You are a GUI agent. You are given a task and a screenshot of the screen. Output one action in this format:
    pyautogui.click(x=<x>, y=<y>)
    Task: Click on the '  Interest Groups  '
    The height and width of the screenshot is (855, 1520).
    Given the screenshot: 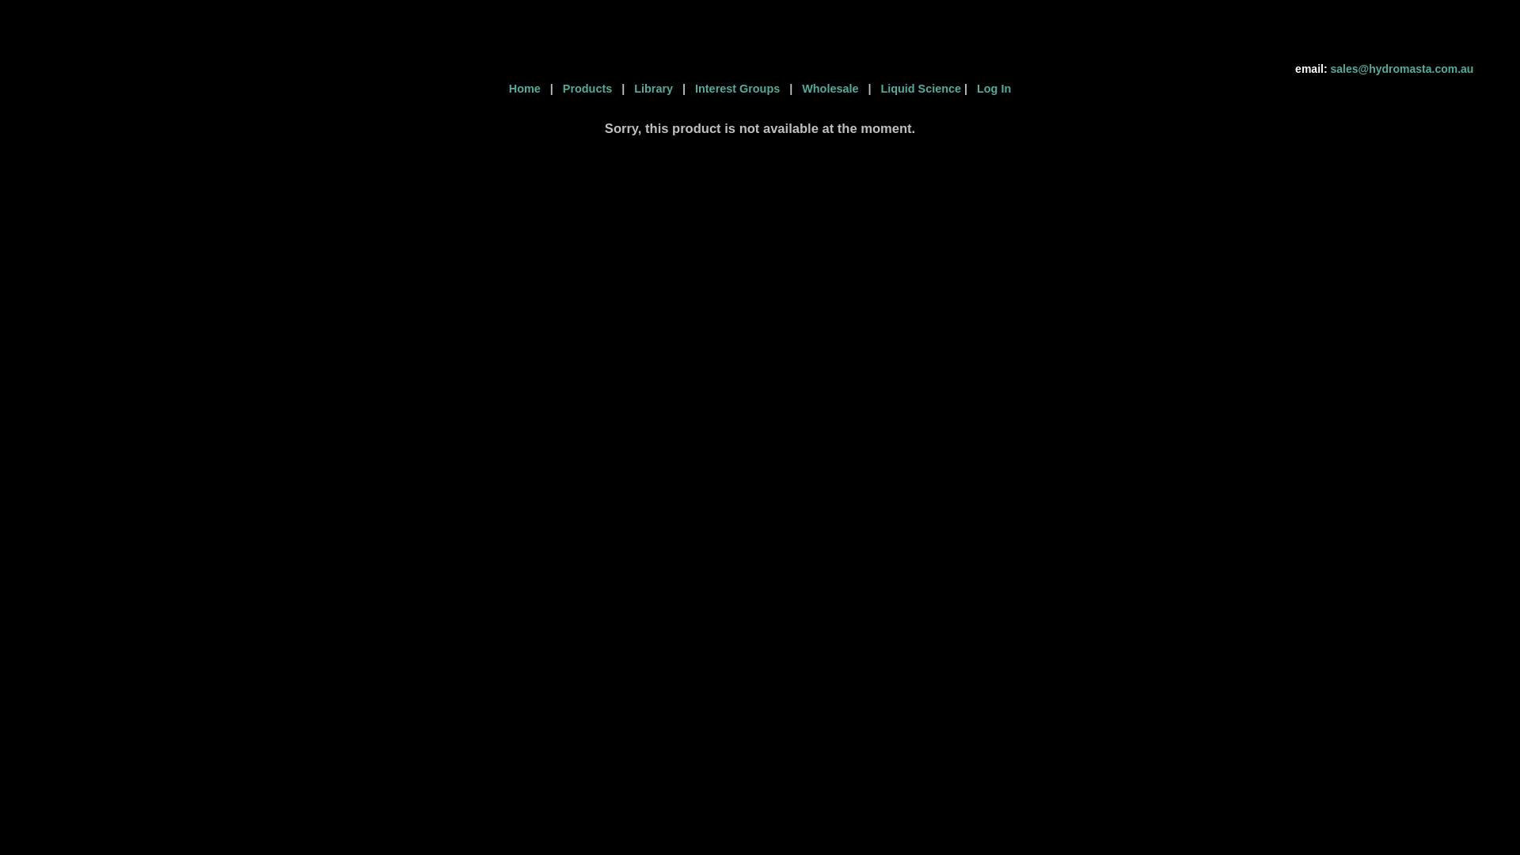 What is the action you would take?
    pyautogui.click(x=736, y=88)
    